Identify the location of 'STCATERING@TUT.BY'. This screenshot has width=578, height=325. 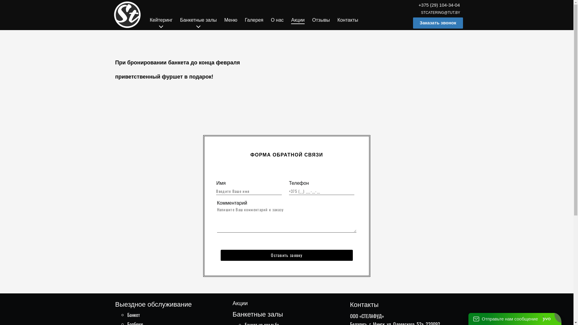
(441, 13).